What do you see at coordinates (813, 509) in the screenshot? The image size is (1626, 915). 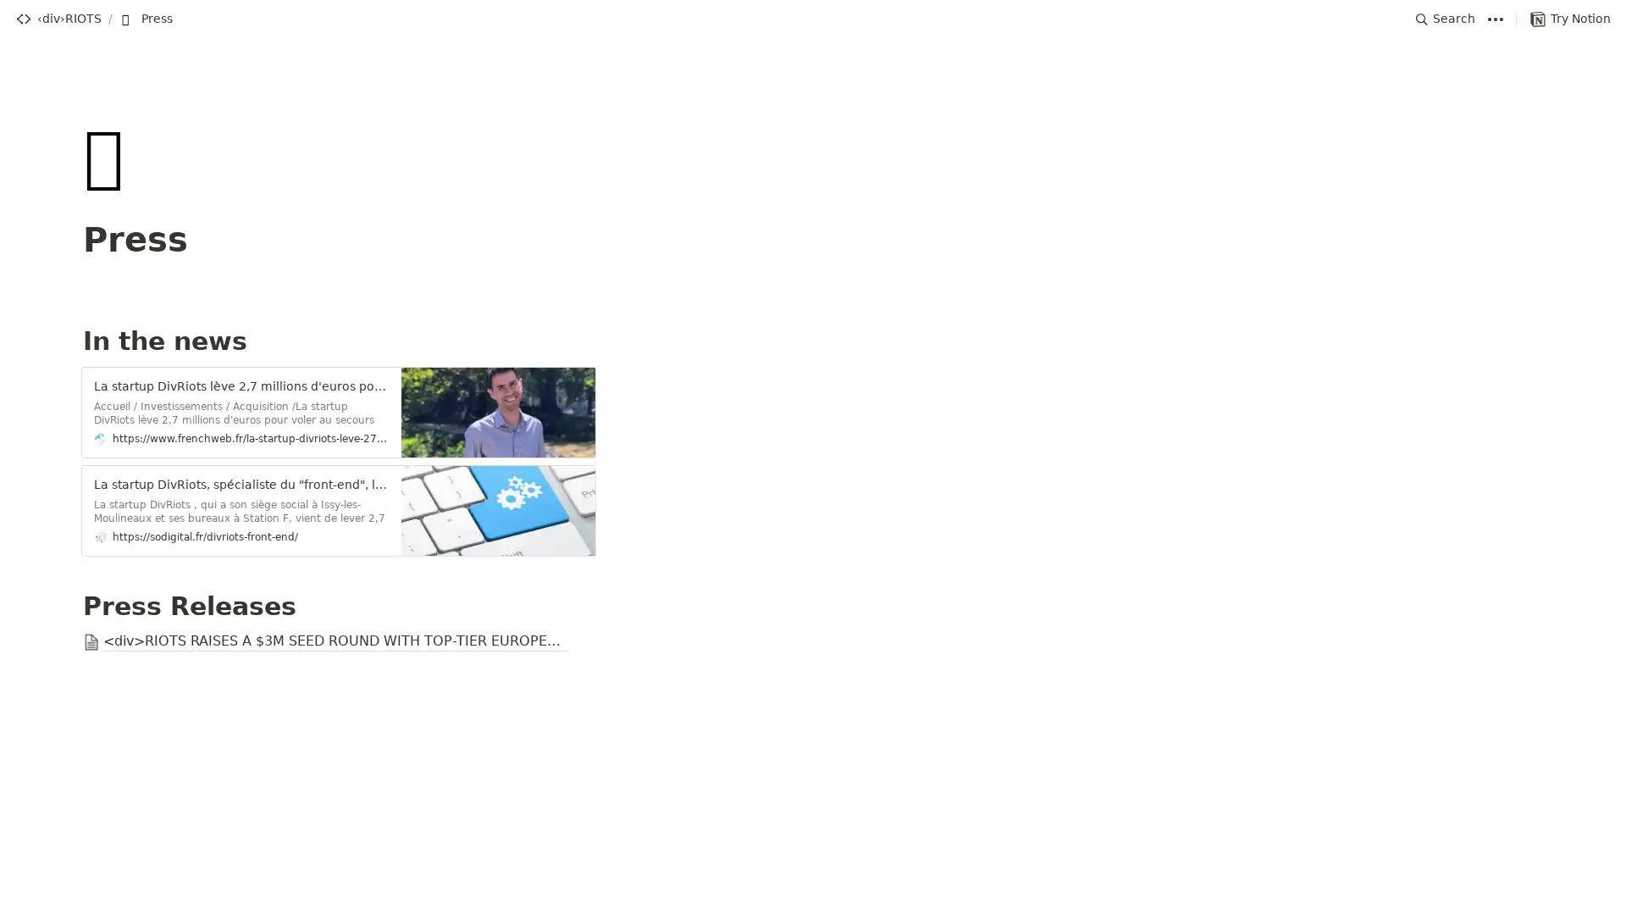 I see `La startup DivRiots, specialiste du "front-end", leve 2,7 millions d'euros La startup DivRiots , qui a son siege social a Issy-les-Moulineaux et ses bureaux a Station F, vient de lever 2,7 millions d'euros aupres de aupres du fonds XAnge. Des business angels, a l'image de Thibaud Elziere (eFounders), Frederic Montagnon (LGO), Julien Romanetto (Teads), Eduardo Ronzano (KelDoc) ou encore Nicolas Steegmann (Stupeflix), ont egalement participe a l'operation. https://sodigital.fr/divriots-front-end/` at bounding box center [813, 509].